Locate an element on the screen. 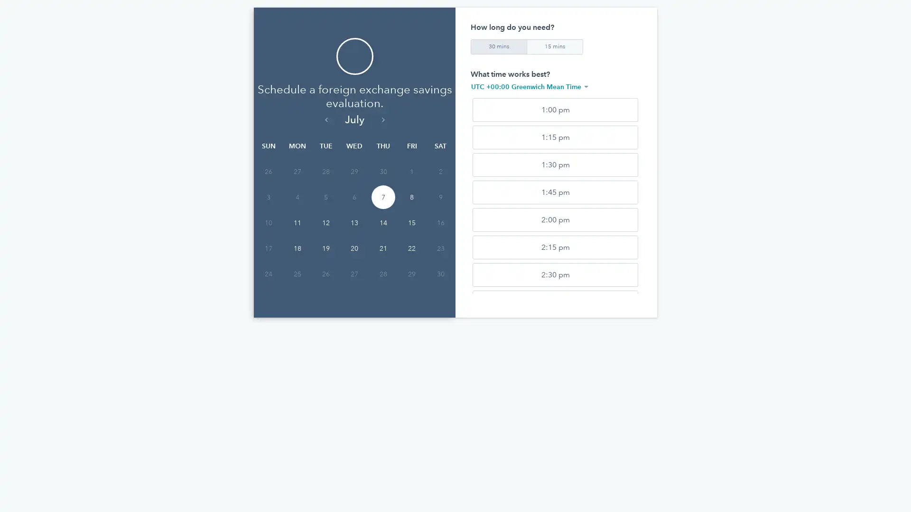 The width and height of the screenshot is (911, 512). View August is located at coordinates (382, 119).